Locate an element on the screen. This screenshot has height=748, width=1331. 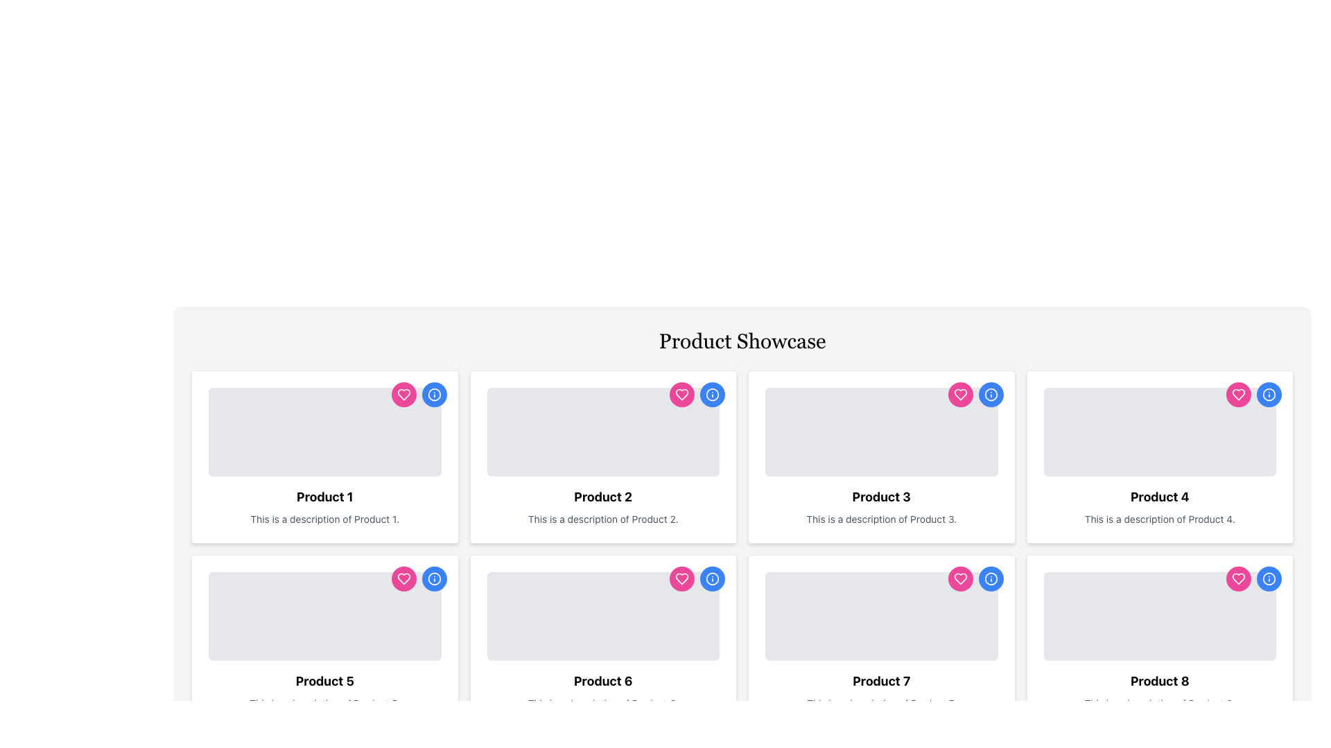
the circular pink button with a white heart icon located in the top-right corner of the Product 7 card is located at coordinates (959, 579).